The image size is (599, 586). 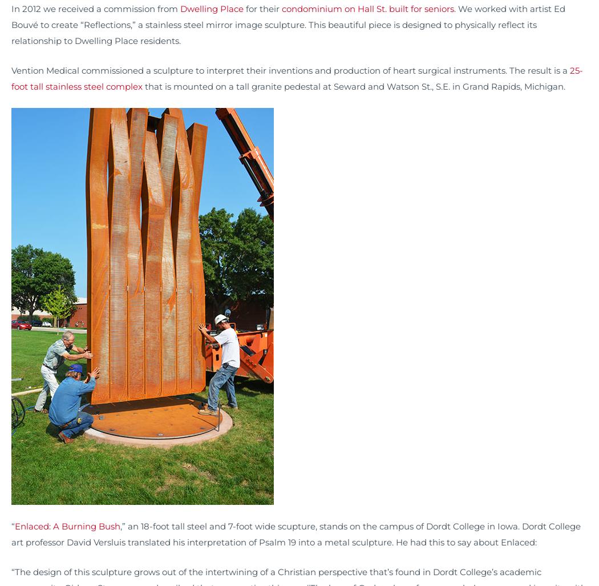 What do you see at coordinates (290, 70) in the screenshot?
I see `'Vention Medical commissioned a sculpture to interpret their inventions and production of heart surgical instruments. The result is a'` at bounding box center [290, 70].